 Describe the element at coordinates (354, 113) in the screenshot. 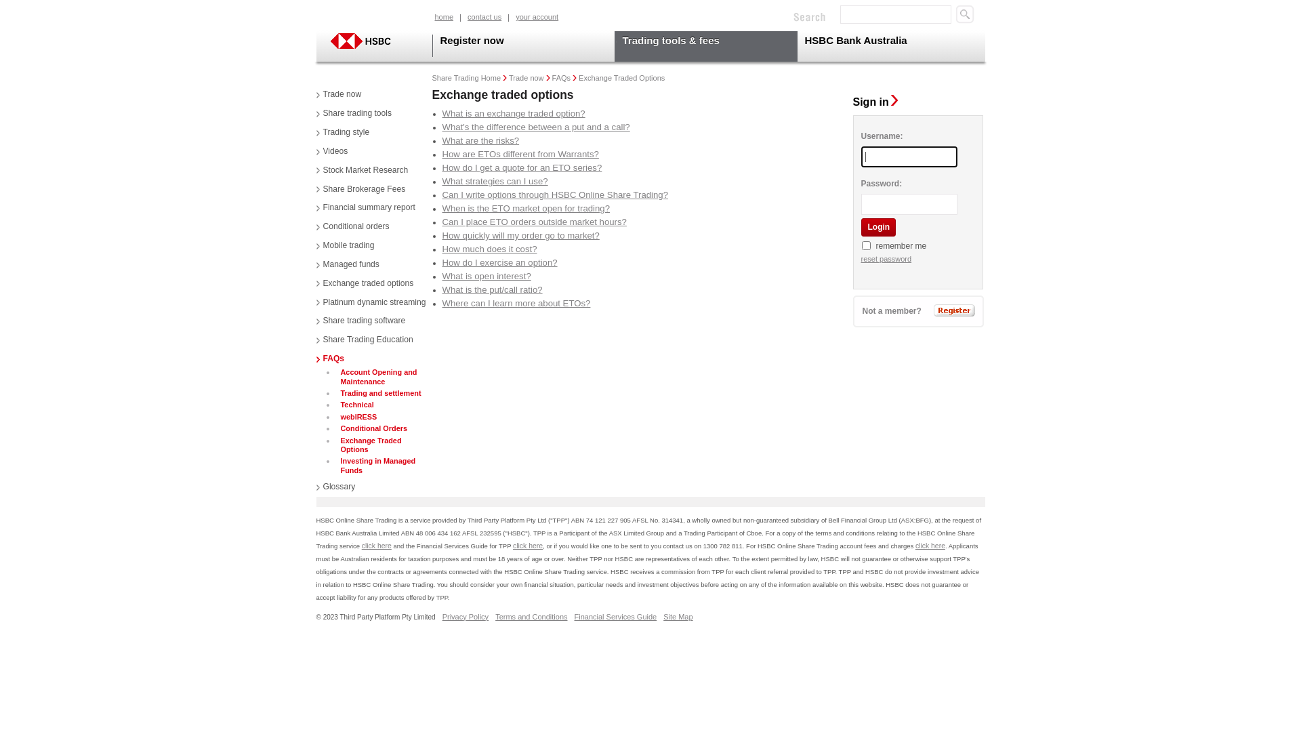

I see `'Share trading tools'` at that location.